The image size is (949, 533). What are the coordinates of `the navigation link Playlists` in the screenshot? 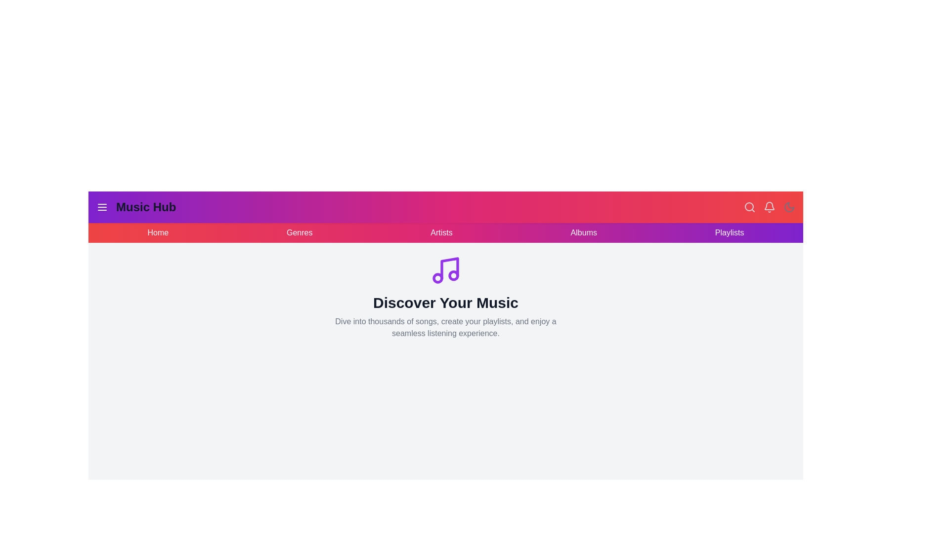 It's located at (730, 232).